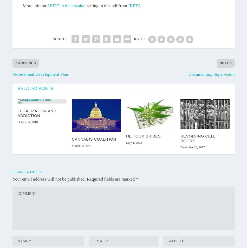  I want to click on 'Your email address will not be published.', so click(49, 179).